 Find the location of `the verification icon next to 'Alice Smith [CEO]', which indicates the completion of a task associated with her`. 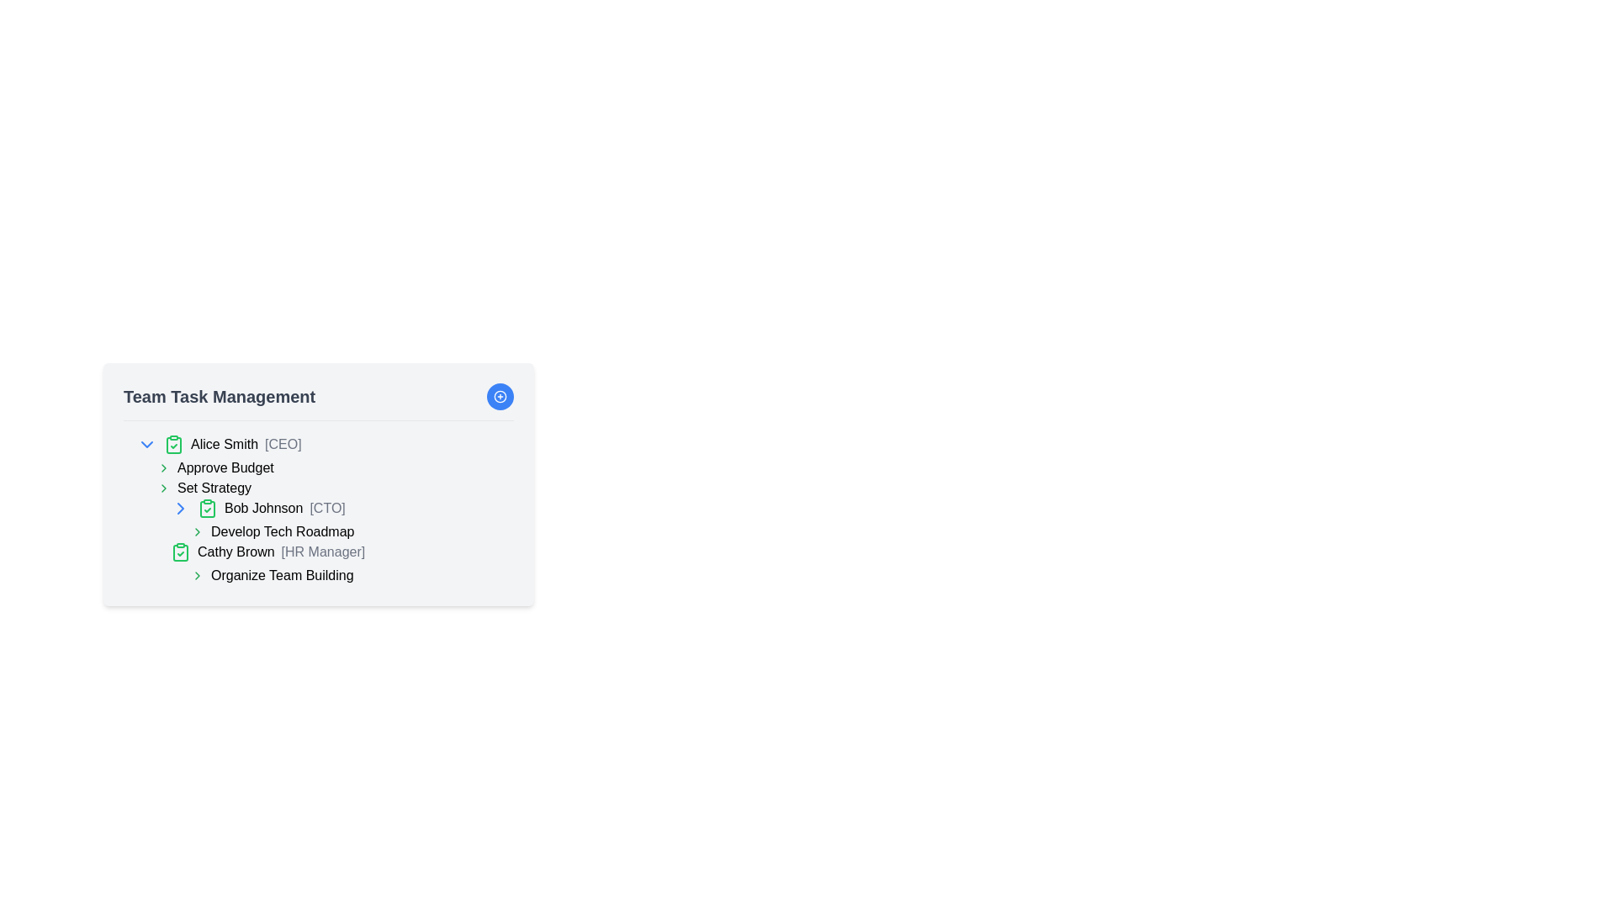

the verification icon next to 'Alice Smith [CEO]', which indicates the completion of a task associated with her is located at coordinates (173, 443).